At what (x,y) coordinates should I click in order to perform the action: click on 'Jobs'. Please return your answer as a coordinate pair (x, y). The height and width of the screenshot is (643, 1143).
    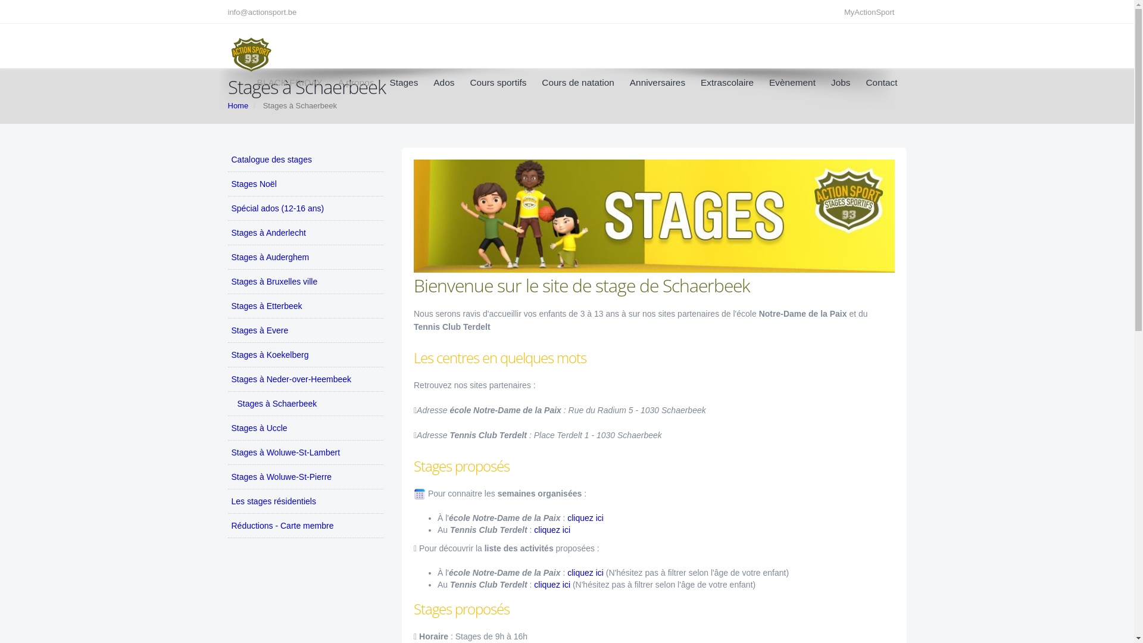
    Looking at the image, I should click on (840, 82).